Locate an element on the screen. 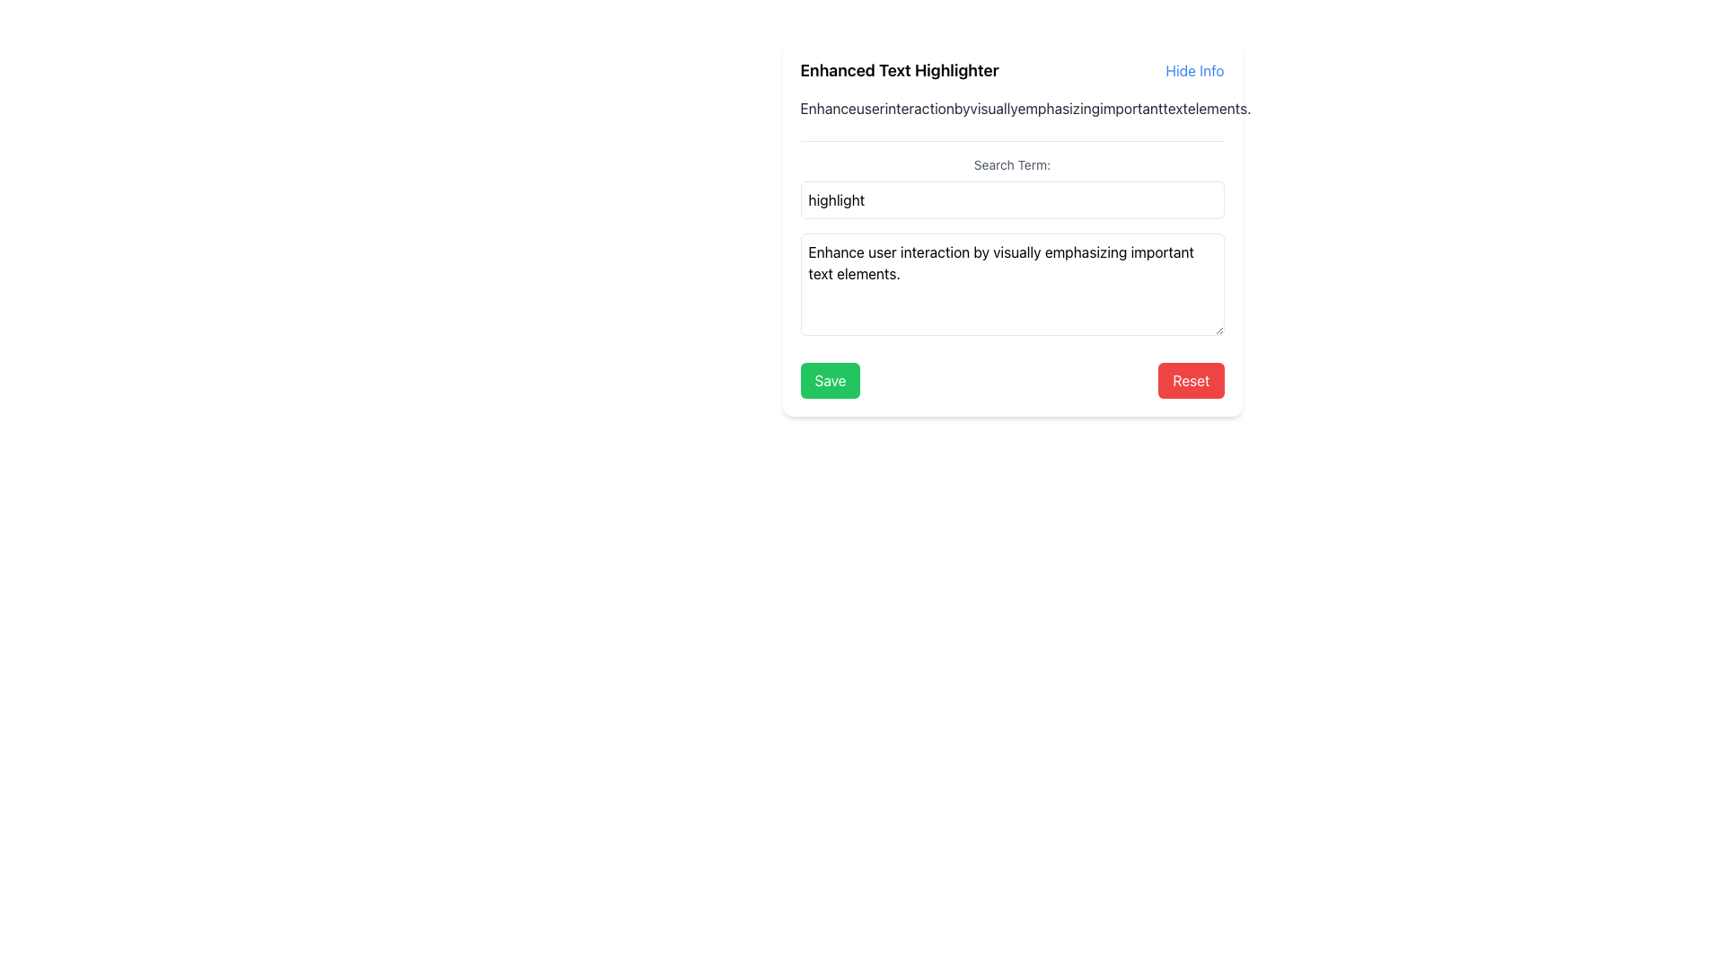  static text element displaying 'Enhanced Text Highlighter', which is bold and black-colored, located at the upper-left corner of the interface is located at coordinates (900, 69).